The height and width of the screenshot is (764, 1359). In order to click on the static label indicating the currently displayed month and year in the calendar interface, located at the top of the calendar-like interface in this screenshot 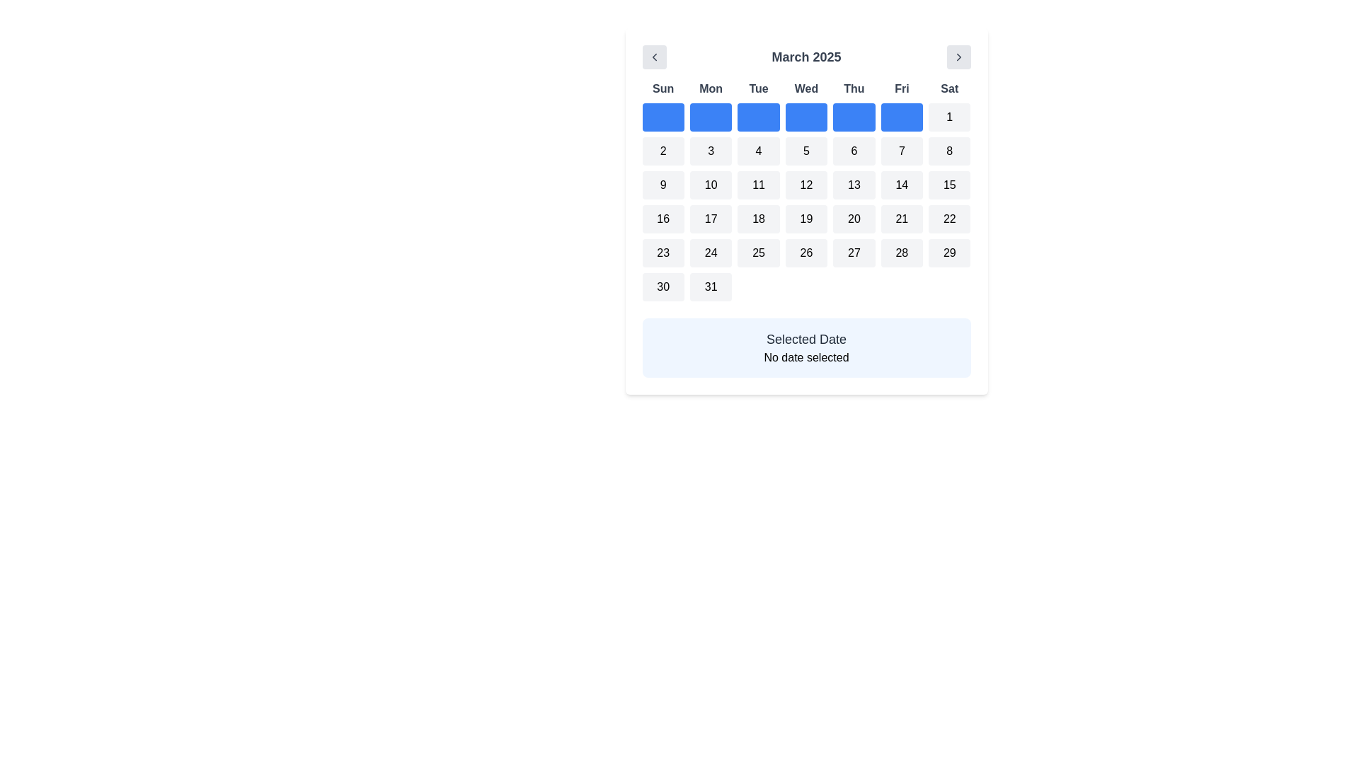, I will do `click(806, 57)`.